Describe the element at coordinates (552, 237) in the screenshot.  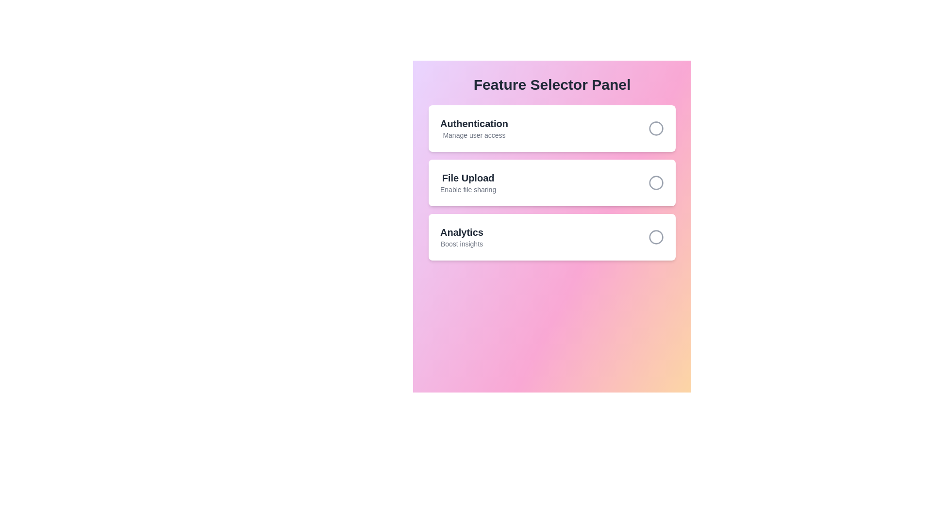
I see `the feature card labeled Analytics` at that location.